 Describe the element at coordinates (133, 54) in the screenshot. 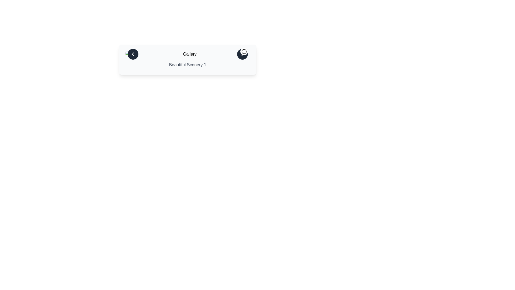

I see `the circular button with a left-facing chevron icon, which has a dark gray to black background` at that location.